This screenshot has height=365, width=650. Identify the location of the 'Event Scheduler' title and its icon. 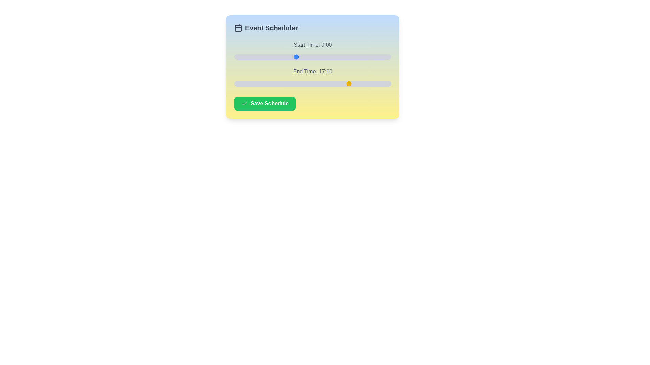
(312, 28).